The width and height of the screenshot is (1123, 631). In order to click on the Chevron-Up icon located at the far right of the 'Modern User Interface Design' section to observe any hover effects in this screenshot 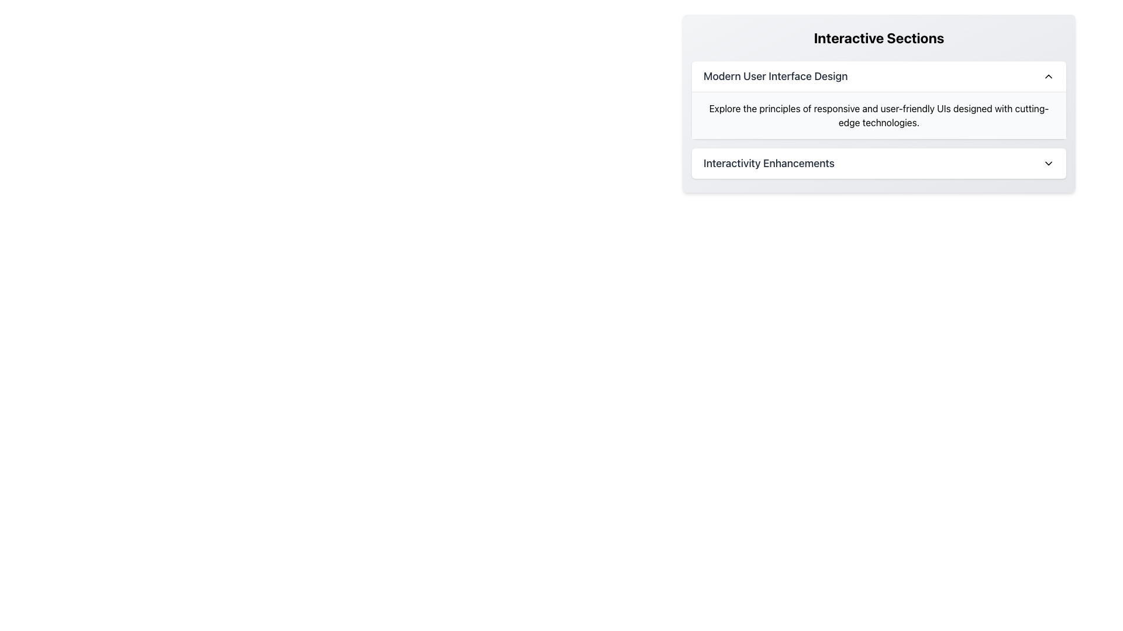, I will do `click(1049, 77)`.